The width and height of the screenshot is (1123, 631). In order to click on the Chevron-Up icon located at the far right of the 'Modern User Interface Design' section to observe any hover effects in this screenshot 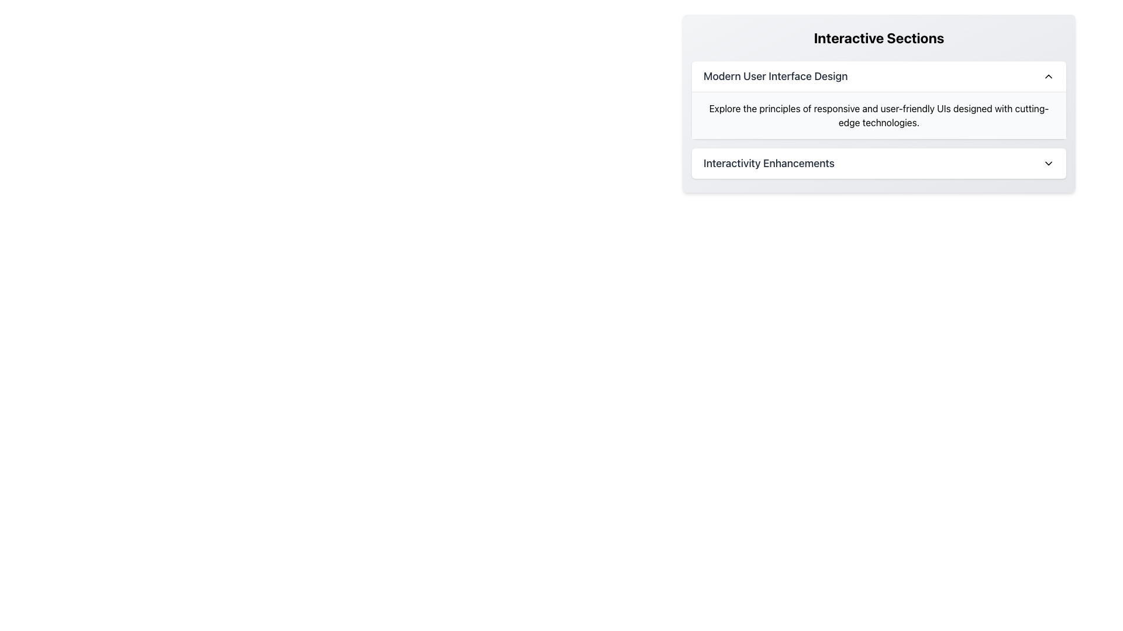, I will do `click(1049, 77)`.